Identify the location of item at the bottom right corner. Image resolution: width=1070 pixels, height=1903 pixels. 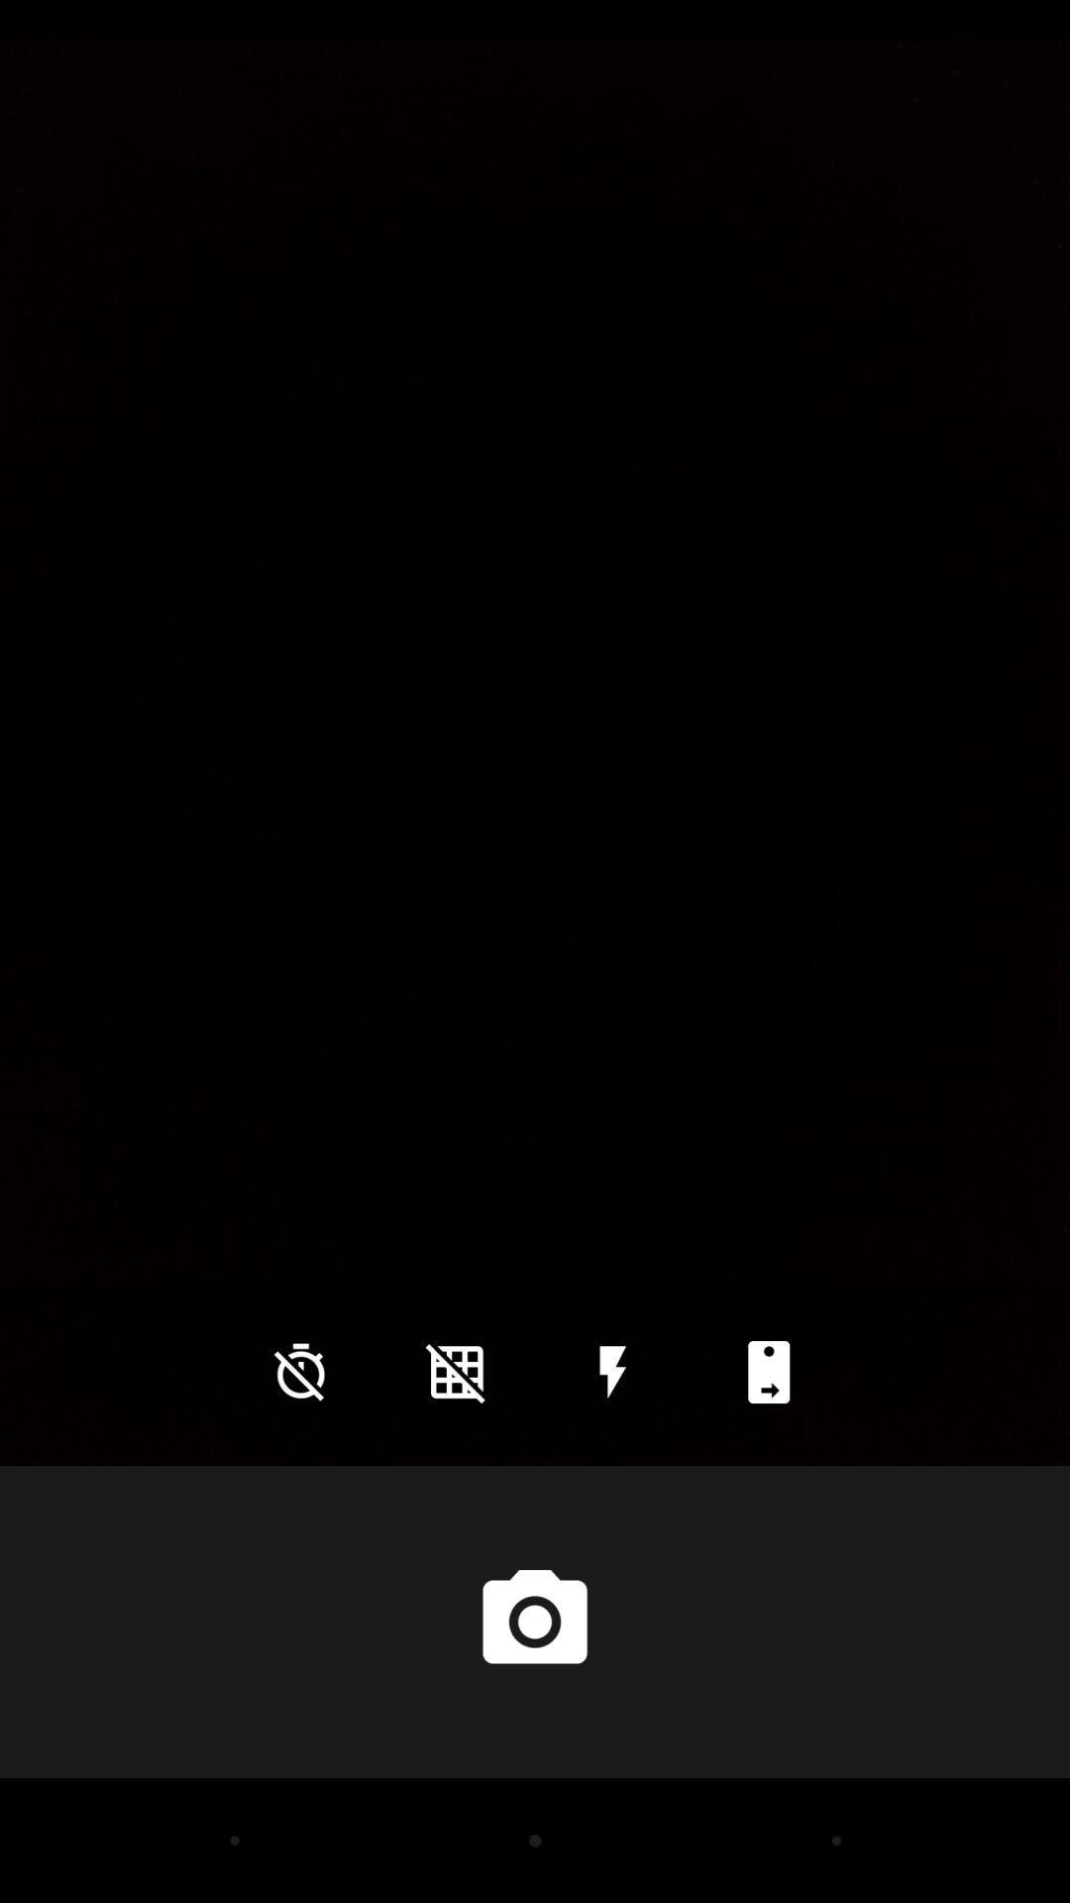
(768, 1371).